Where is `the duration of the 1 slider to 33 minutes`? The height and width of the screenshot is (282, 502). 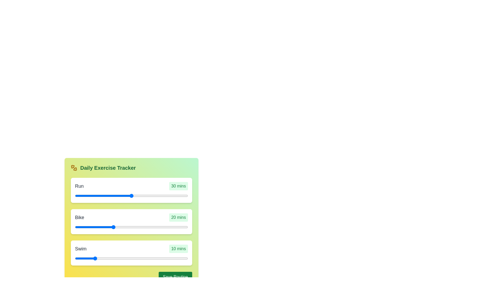
the duration of the 1 slider to 33 minutes is located at coordinates (162, 227).